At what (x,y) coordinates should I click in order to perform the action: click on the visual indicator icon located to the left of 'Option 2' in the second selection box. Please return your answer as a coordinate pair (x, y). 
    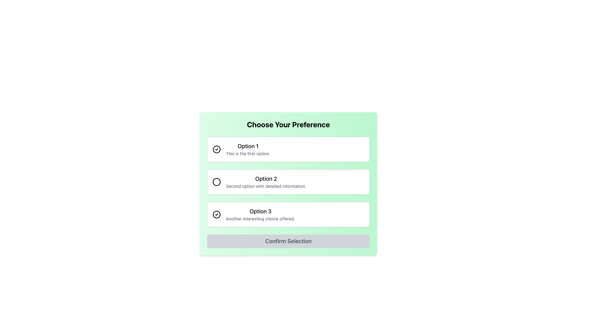
    Looking at the image, I should click on (217, 181).